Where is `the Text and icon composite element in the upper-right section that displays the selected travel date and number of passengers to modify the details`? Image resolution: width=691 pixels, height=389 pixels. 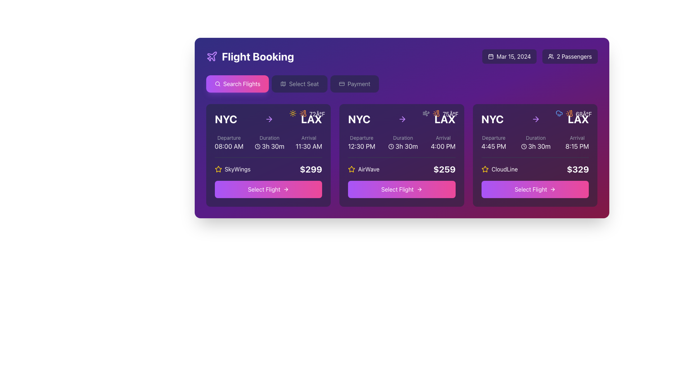
the Text and icon composite element in the upper-right section that displays the selected travel date and number of passengers to modify the details is located at coordinates (539, 56).